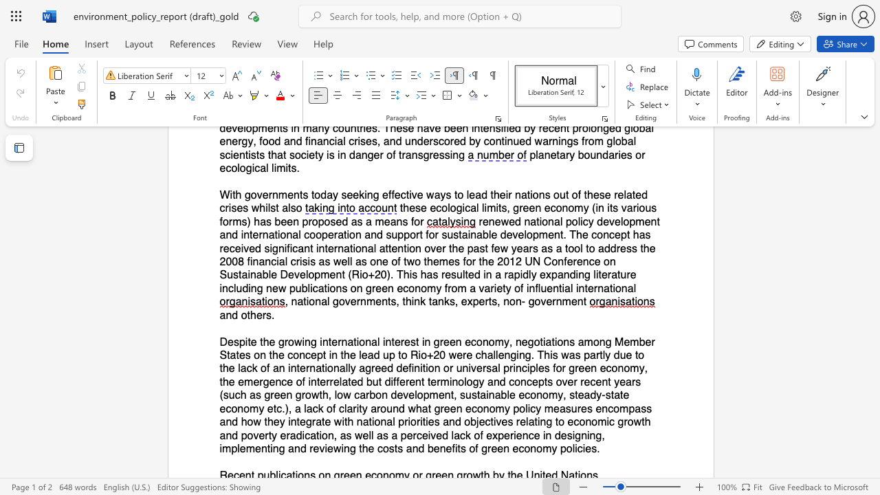  Describe the element at coordinates (533, 301) in the screenshot. I see `the subset text "overnment" within the text ", national governments, think tanks, experts, non‐ government"` at that location.